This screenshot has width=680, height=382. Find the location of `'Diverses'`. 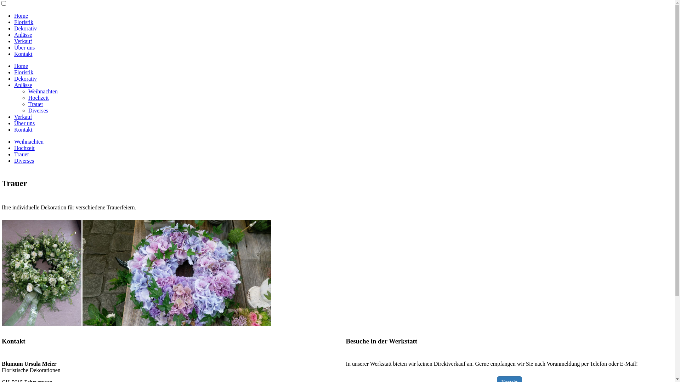

'Diverses' is located at coordinates (38, 110).